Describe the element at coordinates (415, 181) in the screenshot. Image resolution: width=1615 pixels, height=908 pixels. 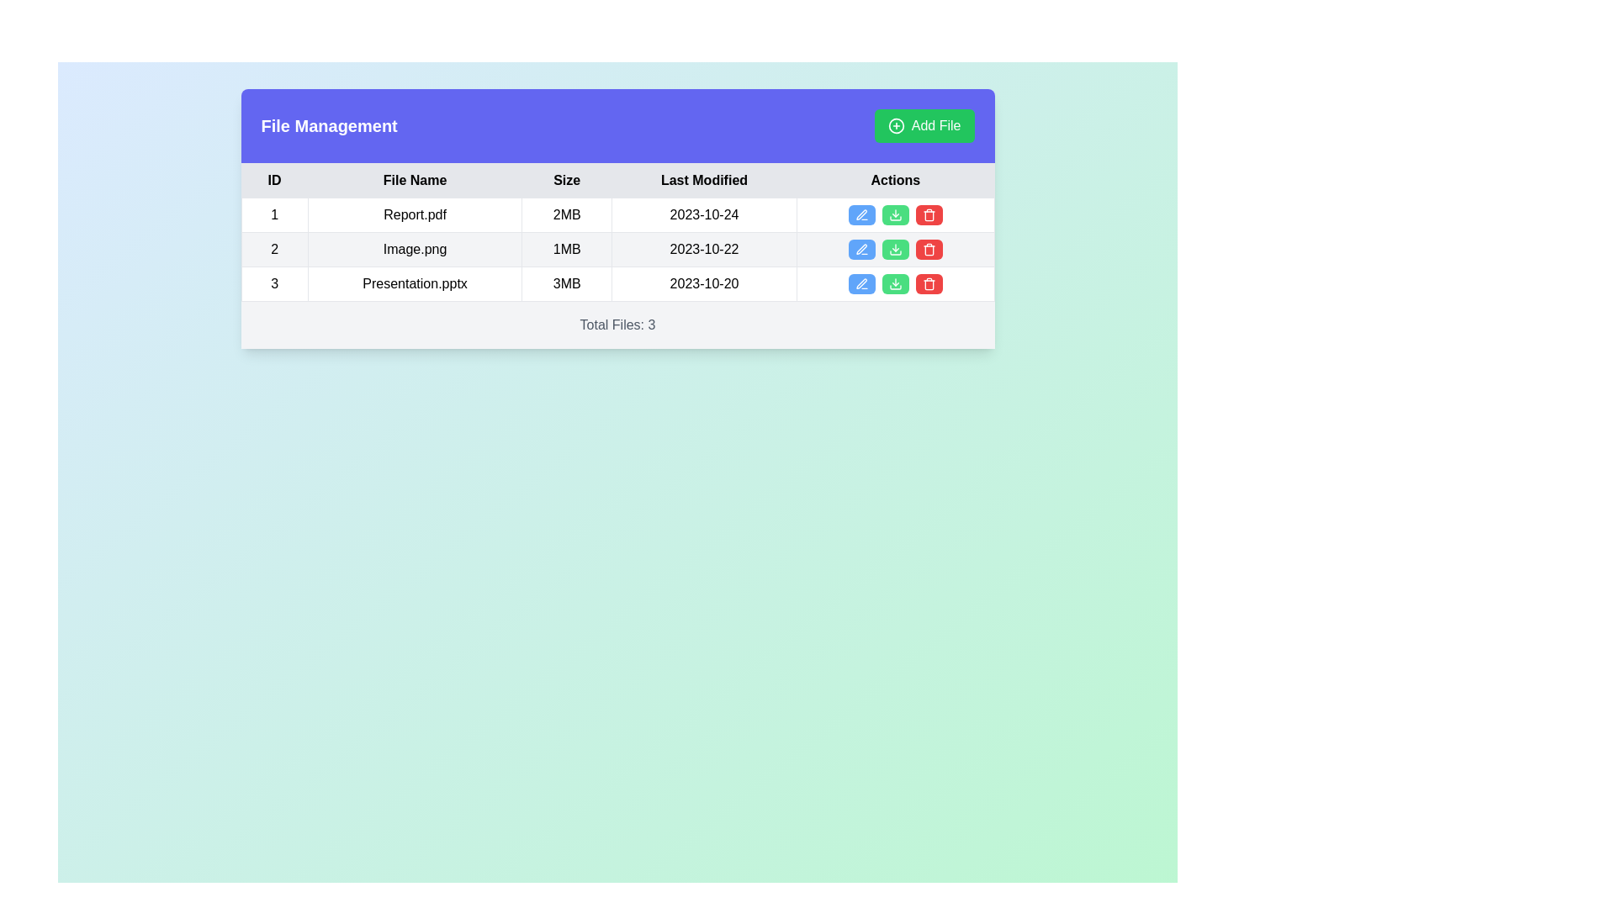
I see `the 'File Name' text label in the table header, which is styled in bold black text and surrounded by a light gray background, positioned between the 'ID' and 'Size' headers` at that location.